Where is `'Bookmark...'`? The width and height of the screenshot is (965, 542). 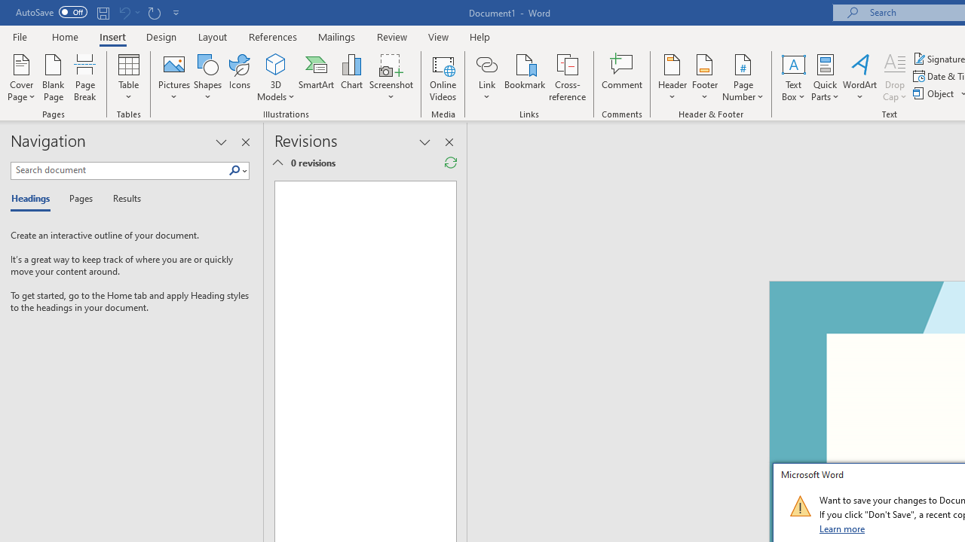
'Bookmark...' is located at coordinates (525, 78).